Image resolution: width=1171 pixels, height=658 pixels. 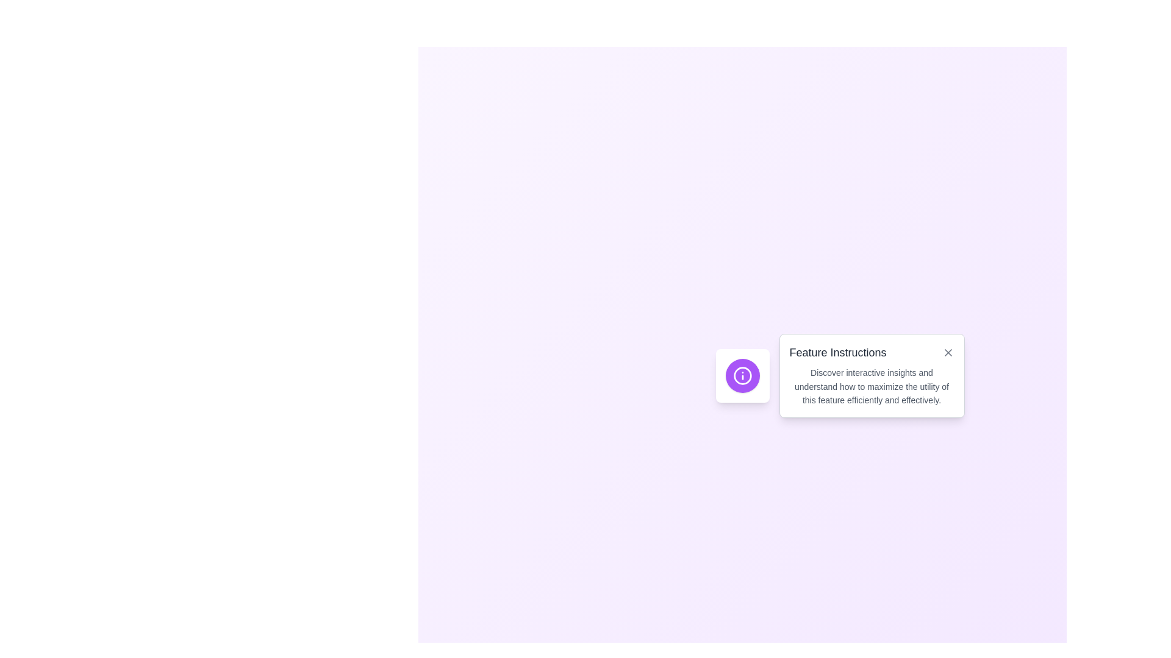 I want to click on the slanted cross-like icon located at the top-right corner of the 'Feature Instructions' card, so click(x=947, y=352).